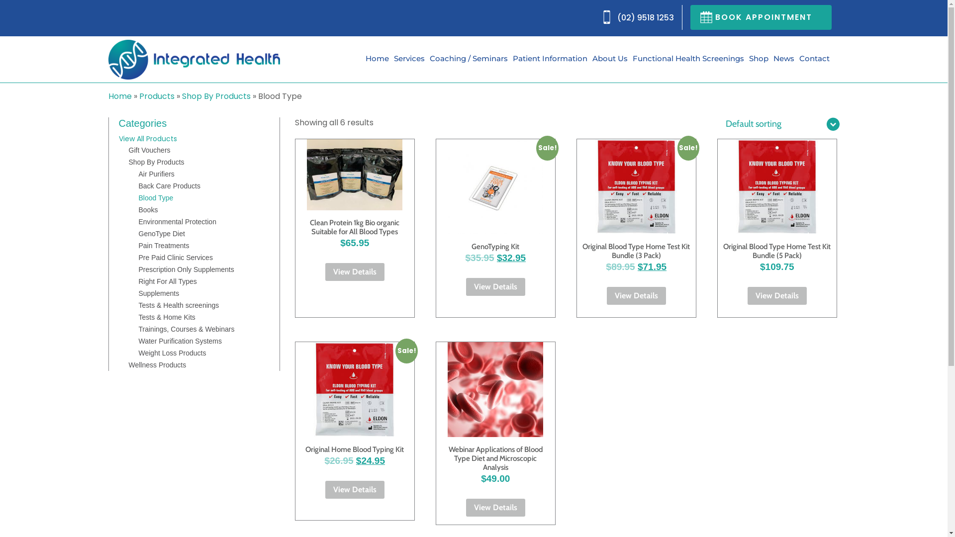 The image size is (955, 537). I want to click on 'View Details', so click(355, 272).